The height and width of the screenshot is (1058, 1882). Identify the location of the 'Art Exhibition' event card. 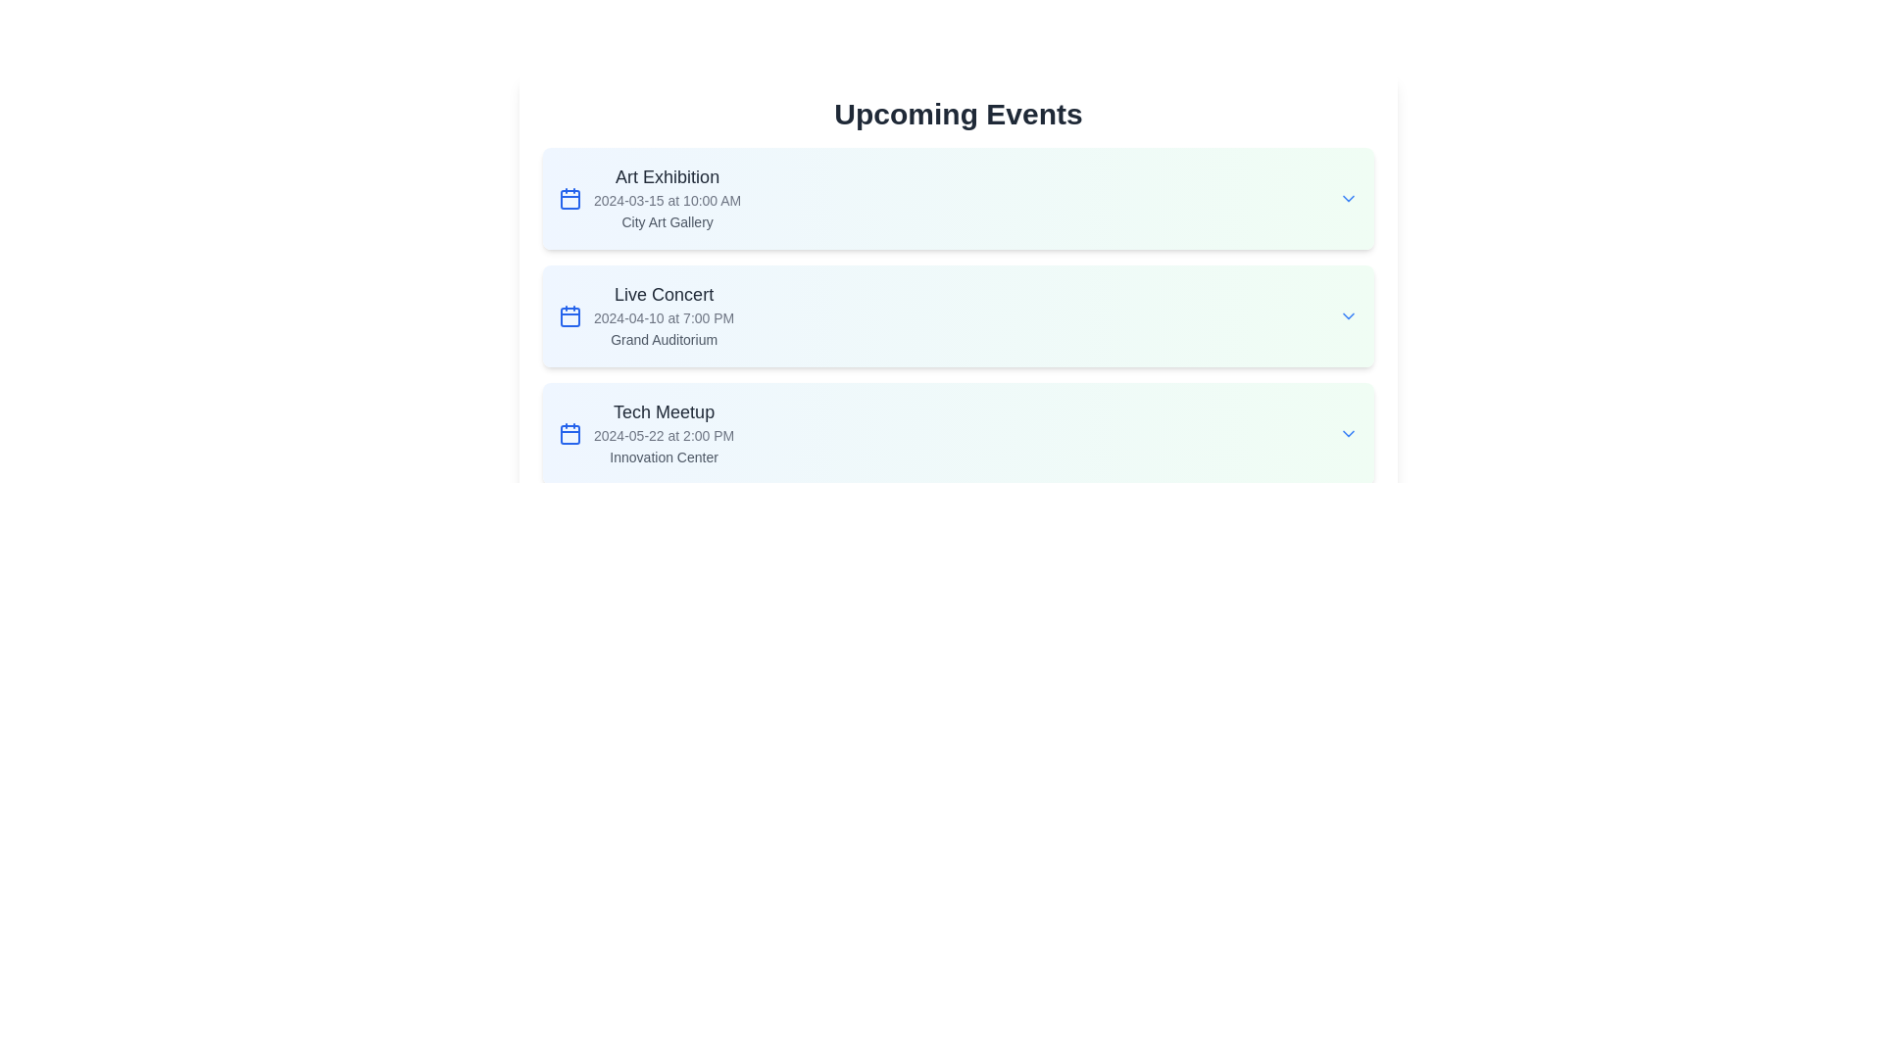
(959, 199).